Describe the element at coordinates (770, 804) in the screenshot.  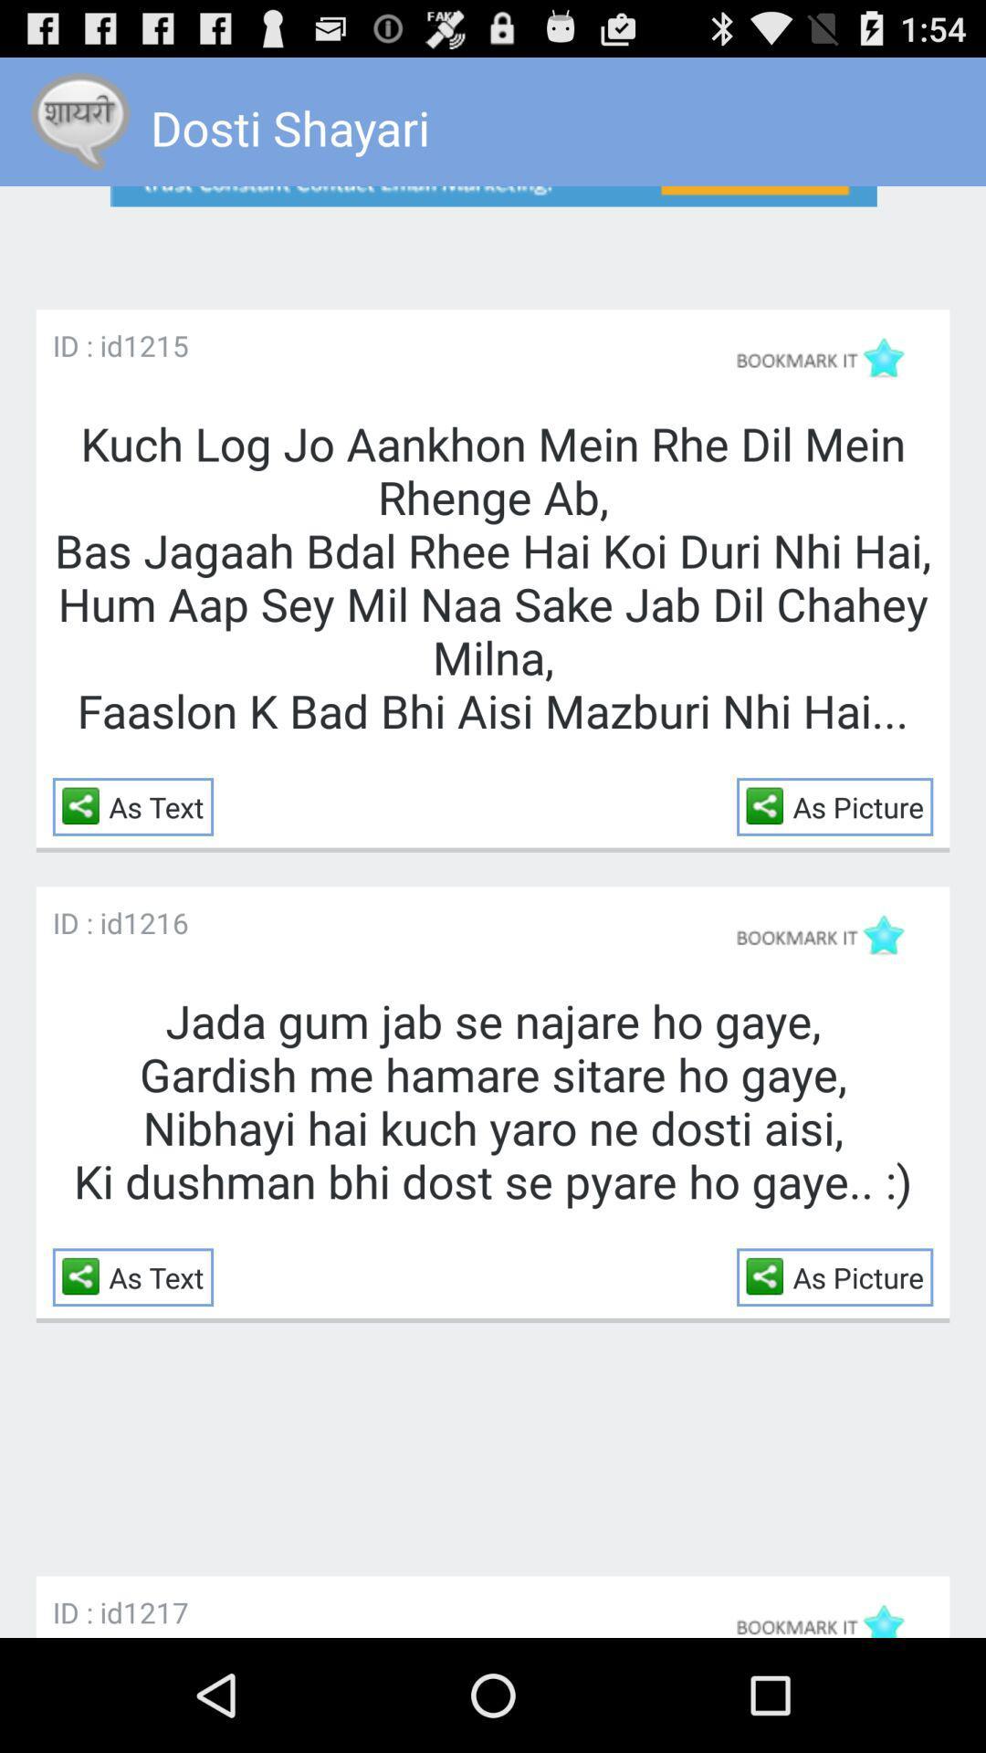
I see `item to the right of the as text` at that location.